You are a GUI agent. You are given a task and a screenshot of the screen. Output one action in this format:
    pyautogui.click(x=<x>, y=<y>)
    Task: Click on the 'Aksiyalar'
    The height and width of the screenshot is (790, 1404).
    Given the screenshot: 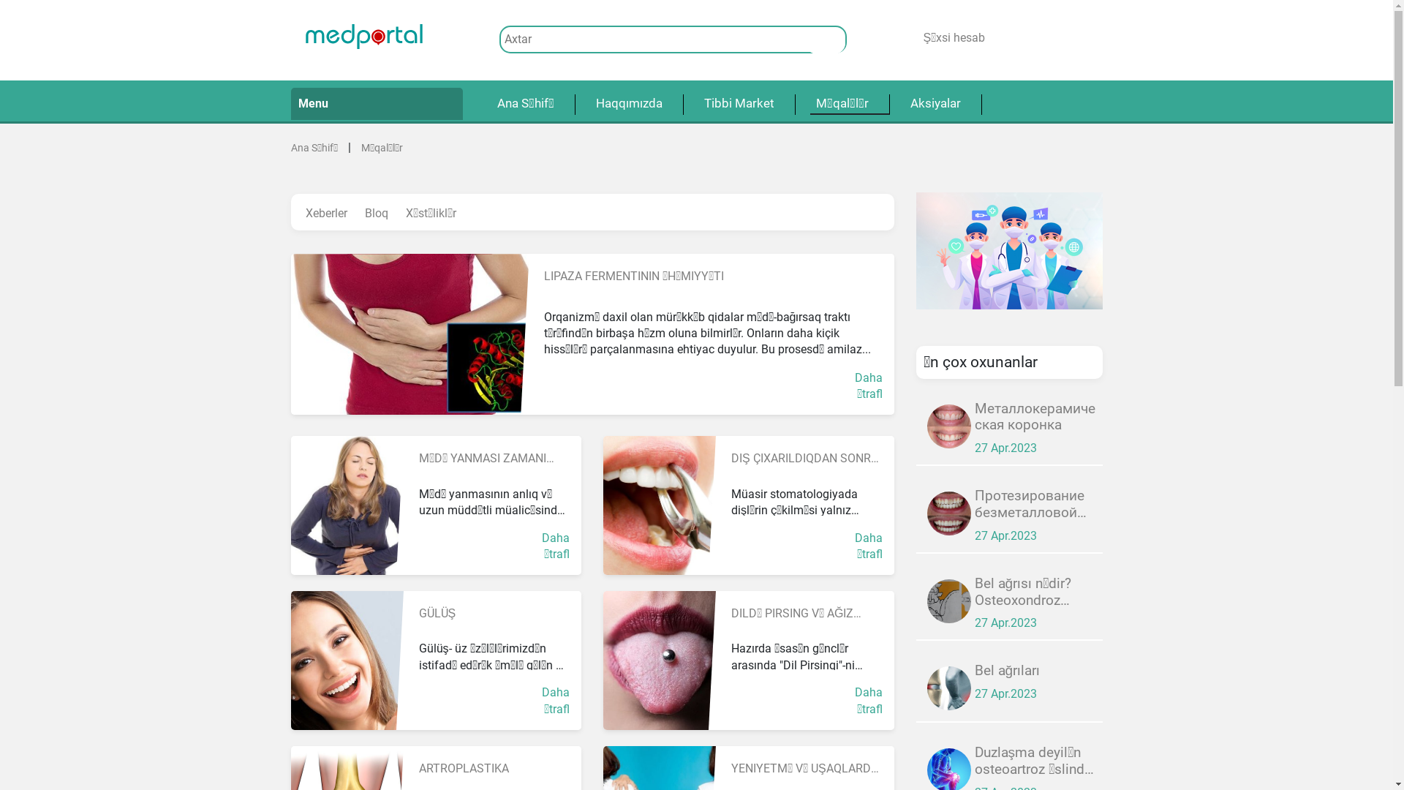 What is the action you would take?
    pyautogui.click(x=934, y=103)
    